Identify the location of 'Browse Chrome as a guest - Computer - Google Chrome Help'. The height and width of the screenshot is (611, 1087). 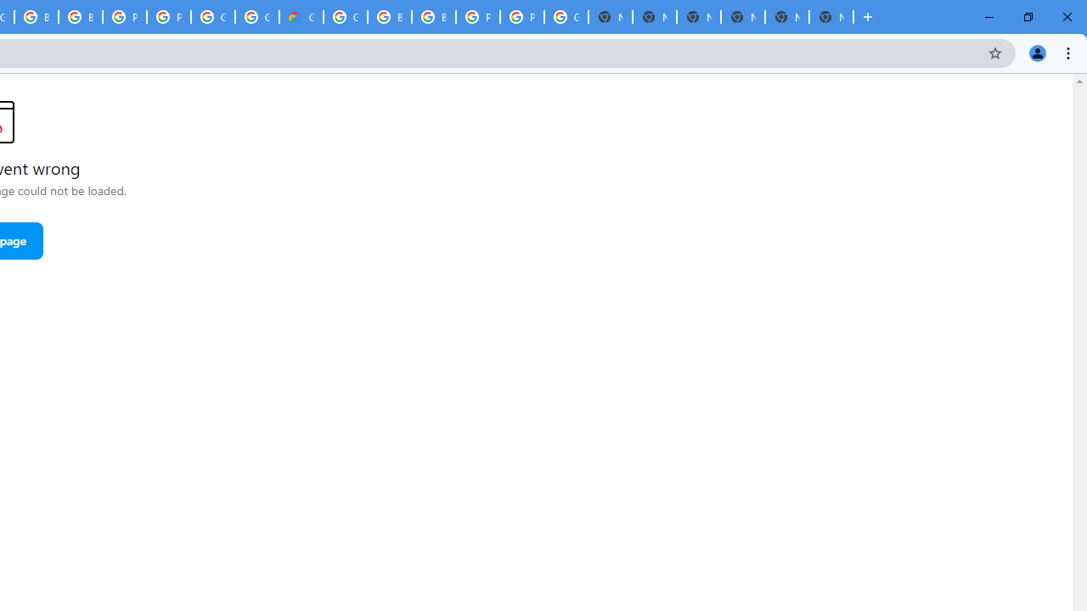
(36, 17).